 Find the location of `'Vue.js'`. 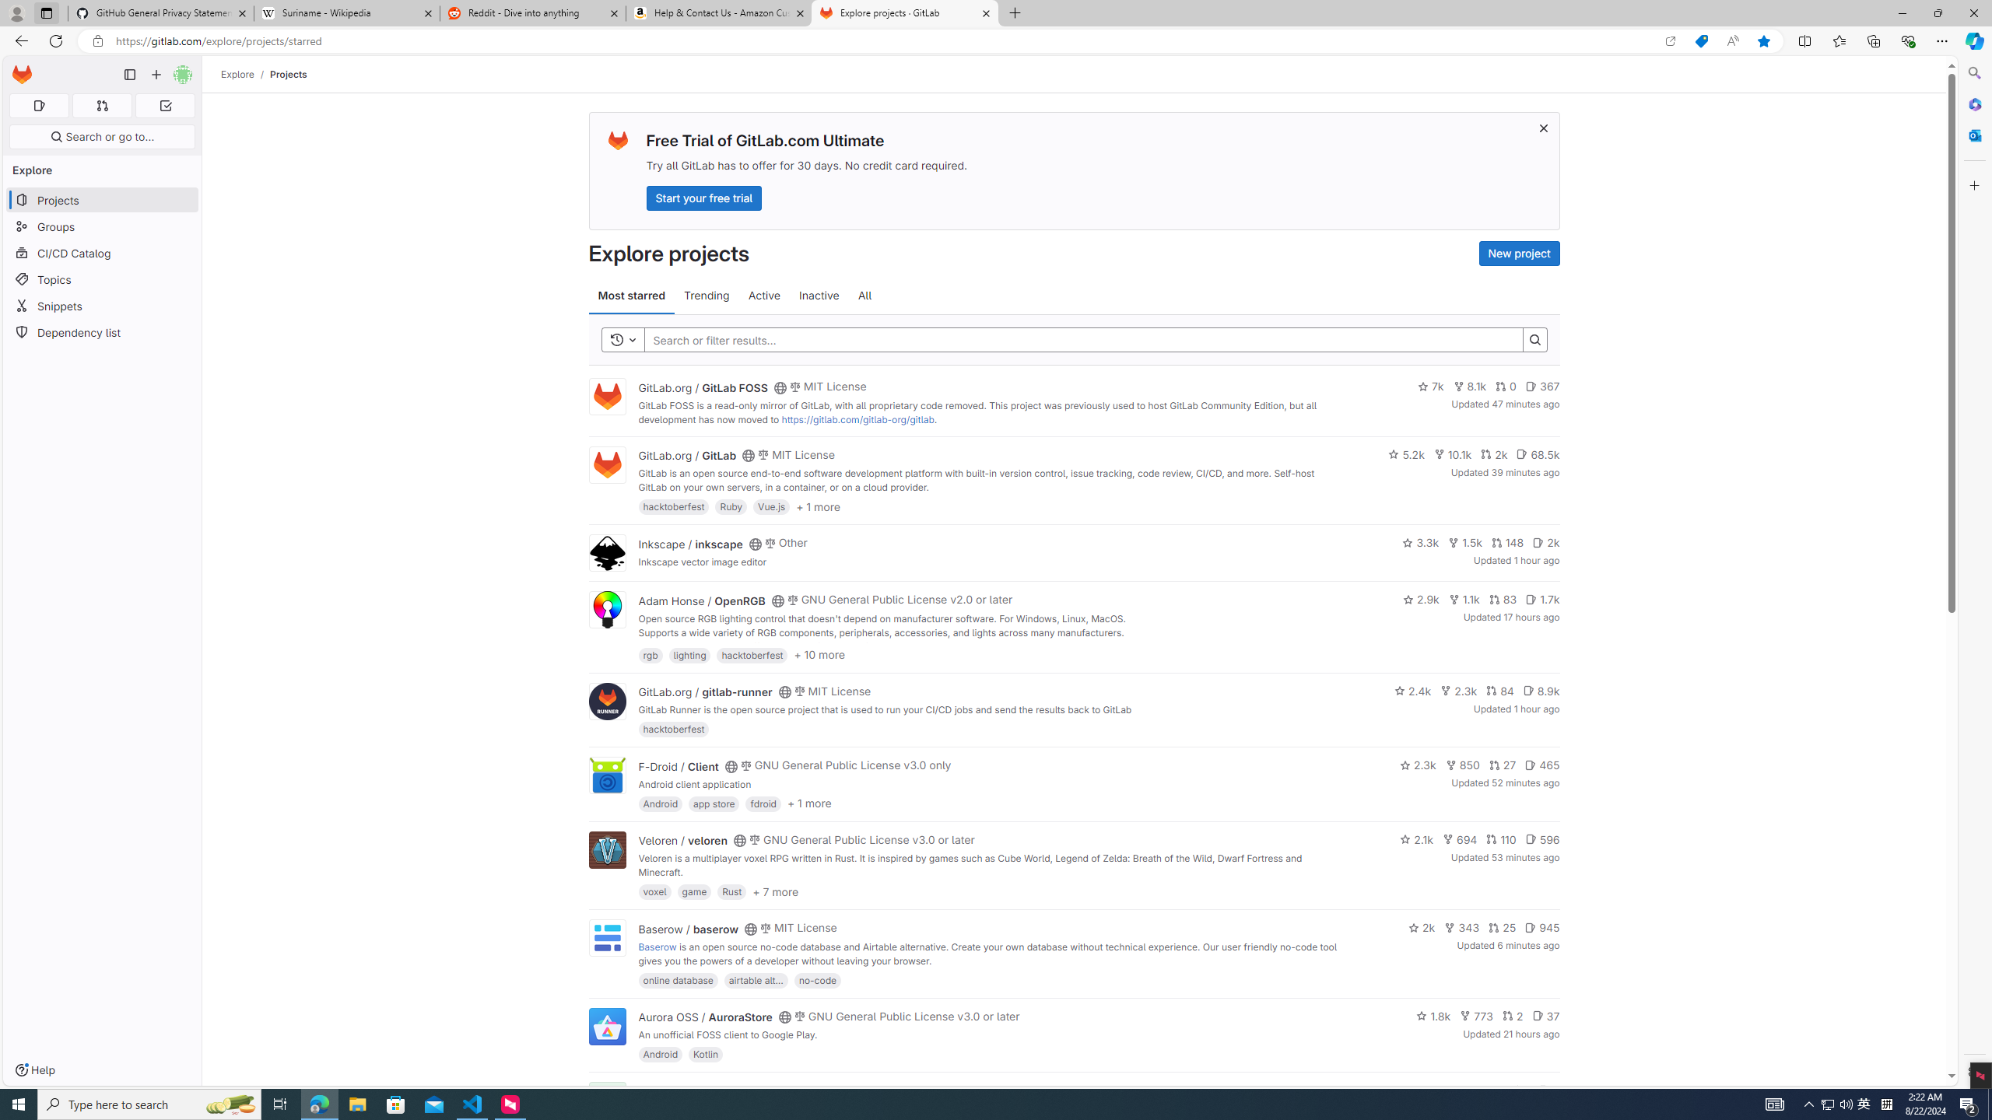

'Vue.js' is located at coordinates (771, 506).